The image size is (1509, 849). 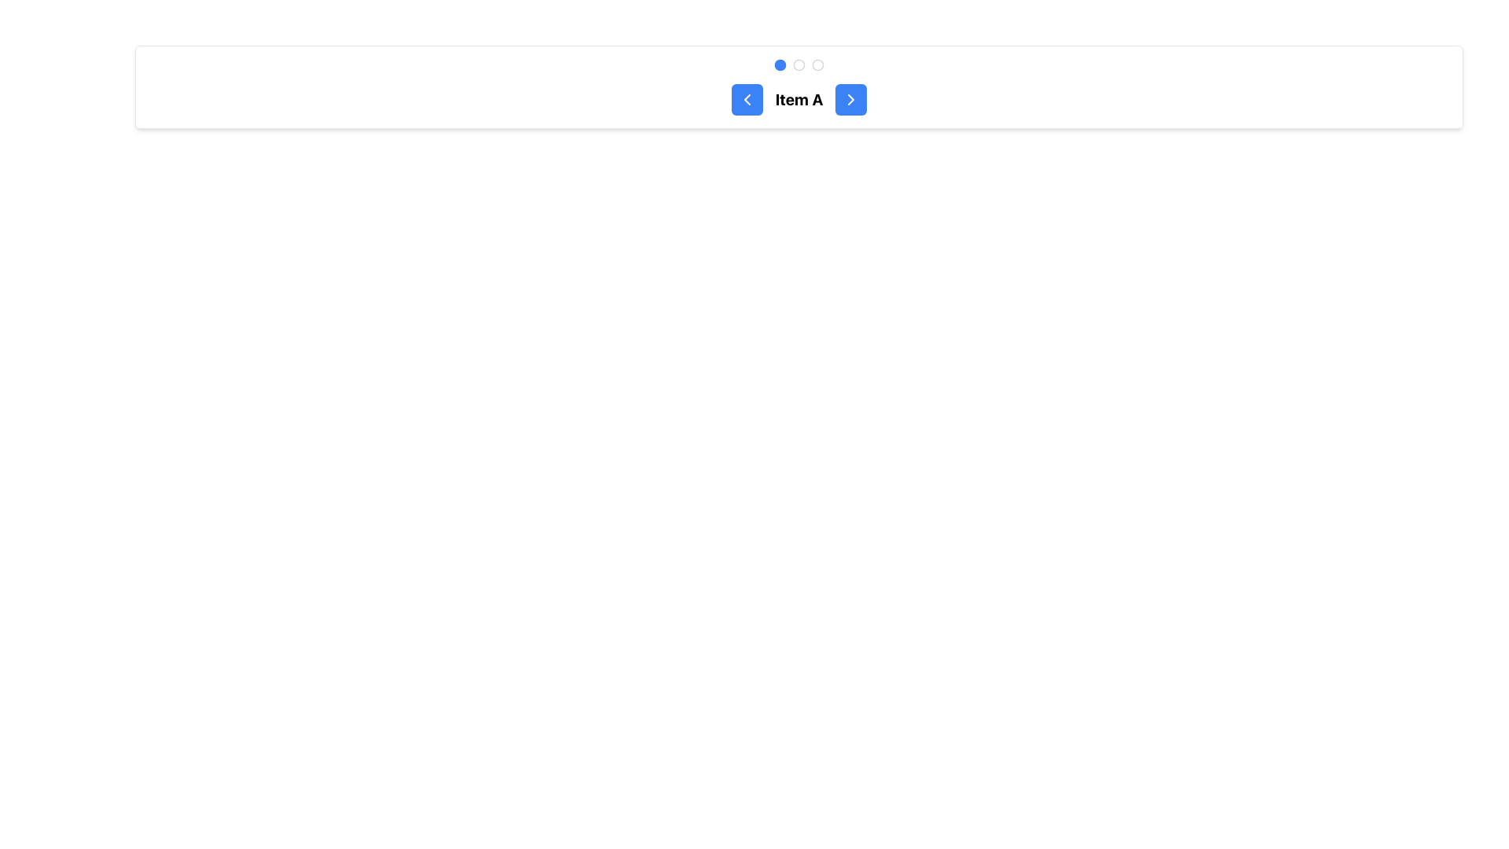 I want to click on the right-facing chevron icon inside the circular blue button on the far-right side of the control bar, so click(x=850, y=100).